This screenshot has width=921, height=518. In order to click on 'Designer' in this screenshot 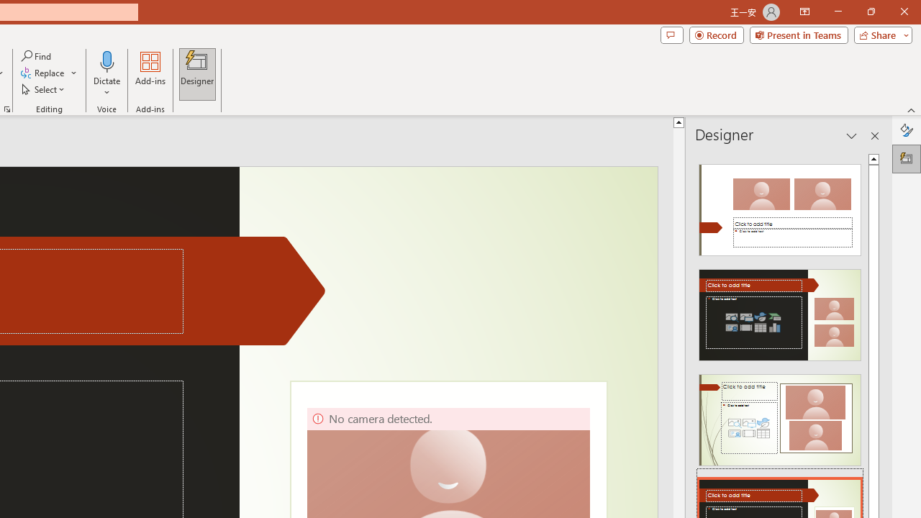, I will do `click(196, 74)`.